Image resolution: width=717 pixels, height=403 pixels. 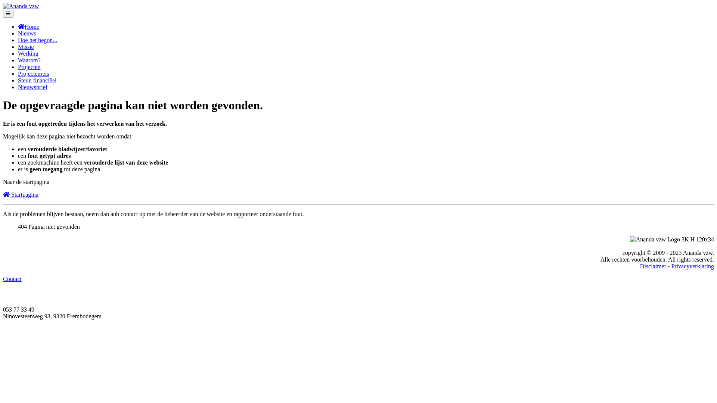 I want to click on 'Projecten', so click(x=18, y=66).